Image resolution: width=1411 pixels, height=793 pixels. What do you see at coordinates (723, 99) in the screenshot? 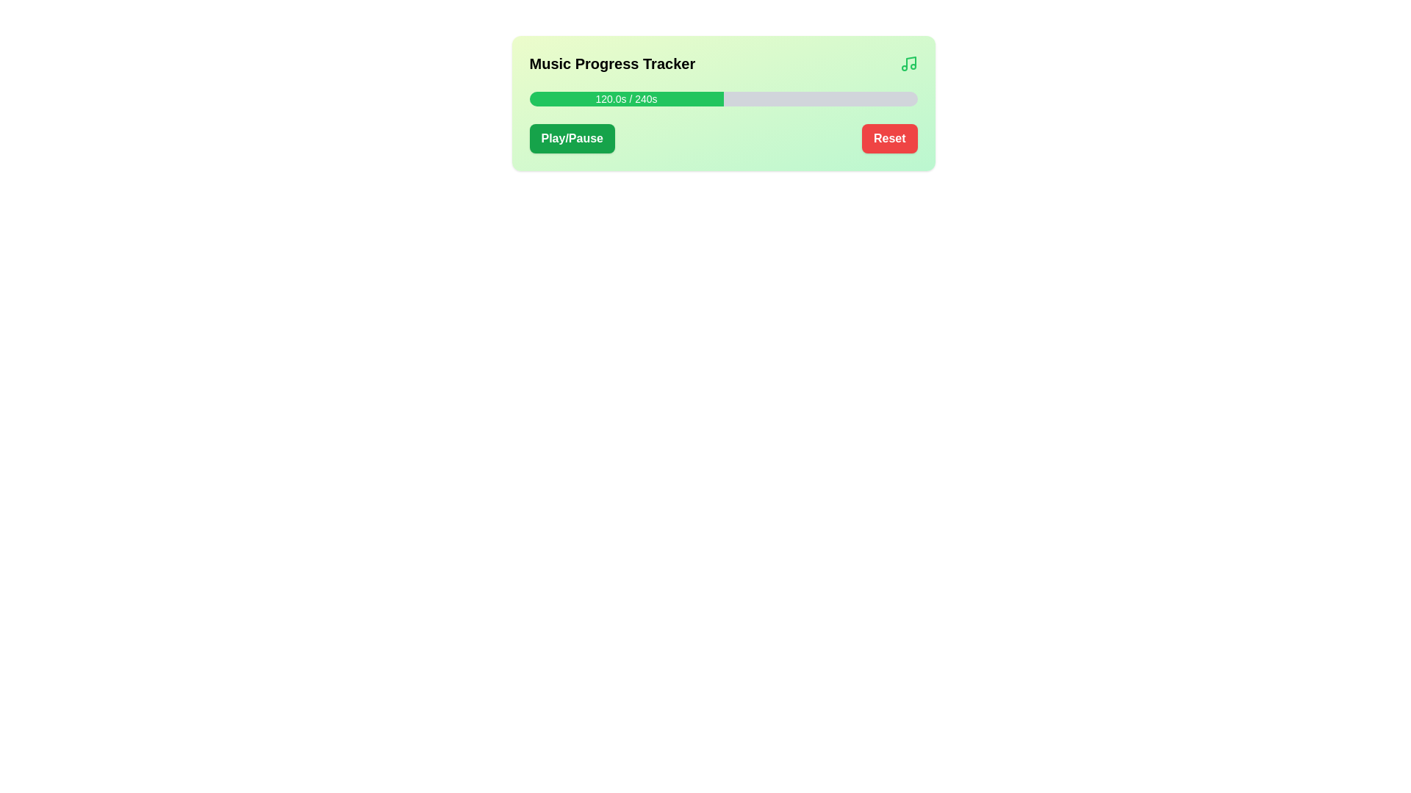
I see `the Progress Bar that indicates progress completion as a ratio of 120.0s out of 240s, positioned between the title 'Music Progress Tracker' and the buttons 'Play/Pause' and 'Reset'` at bounding box center [723, 99].